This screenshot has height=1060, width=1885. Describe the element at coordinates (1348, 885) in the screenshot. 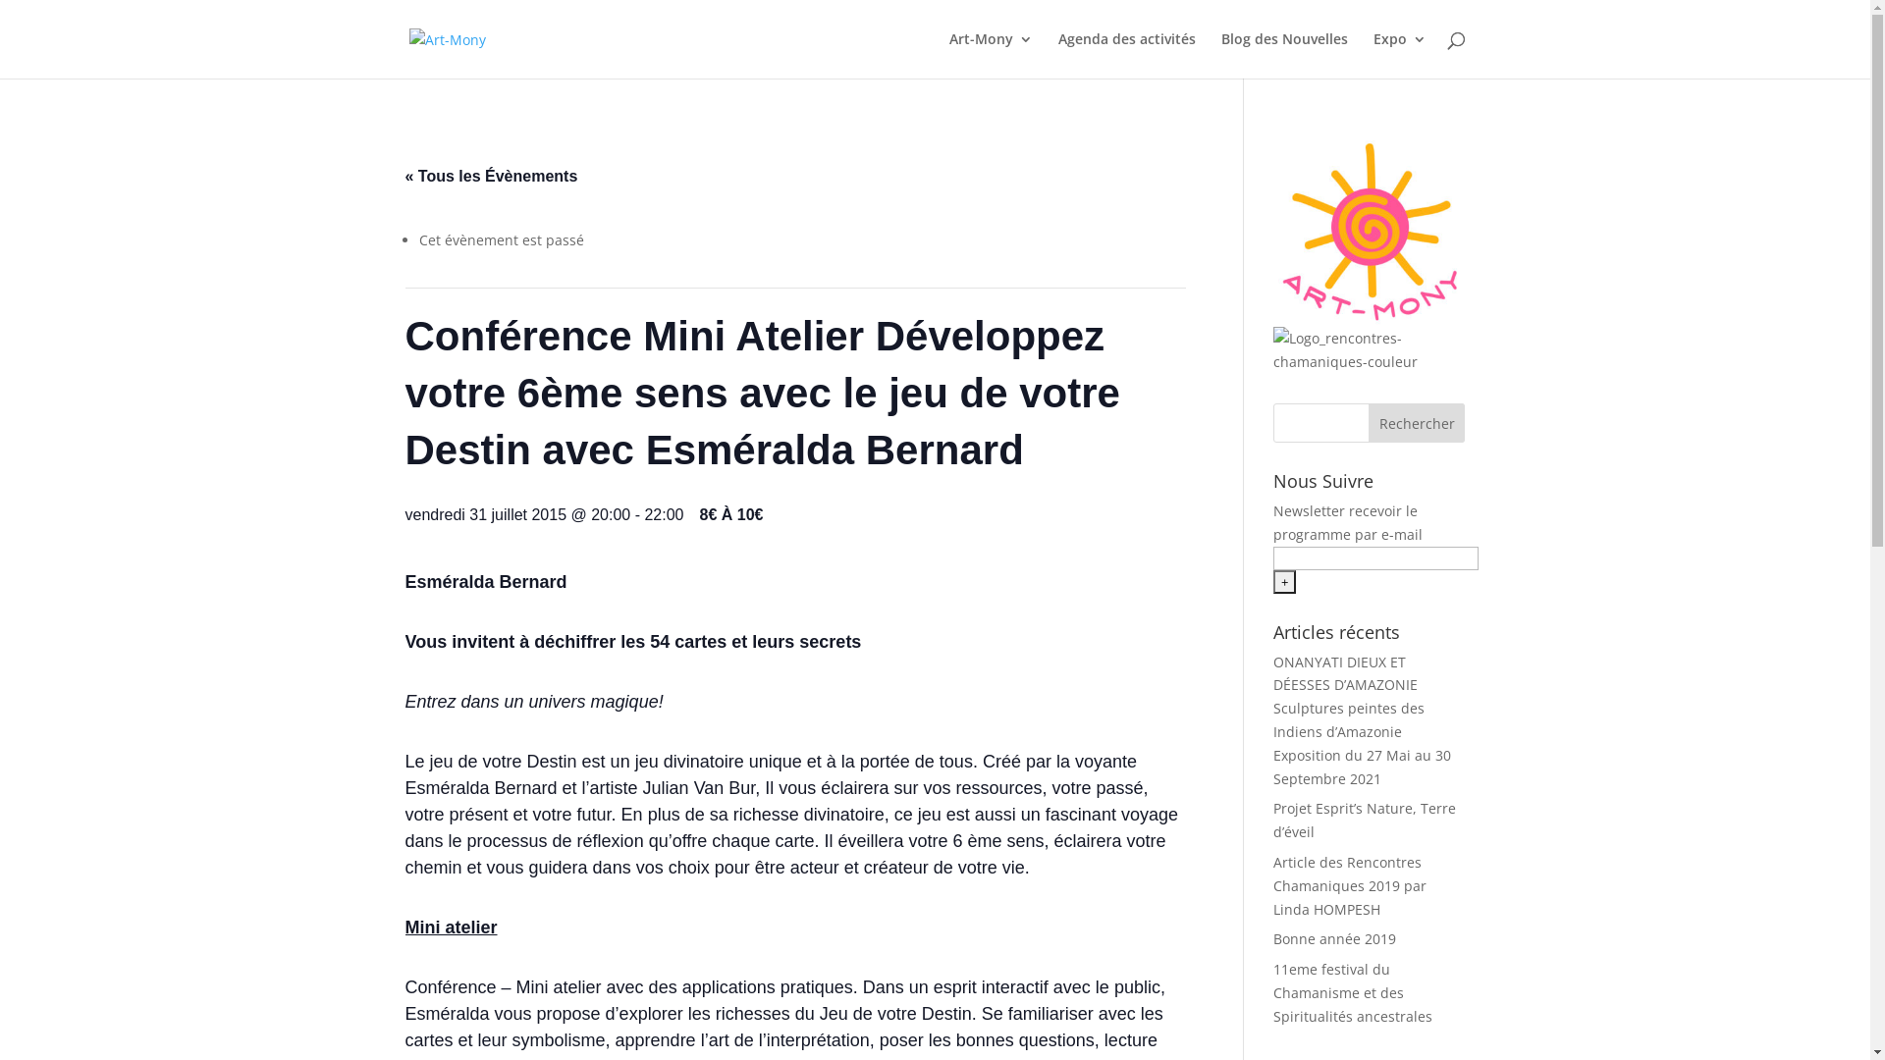

I see `'Article des Rencontres Chamaniques 2019 par Linda HOMPESH'` at that location.